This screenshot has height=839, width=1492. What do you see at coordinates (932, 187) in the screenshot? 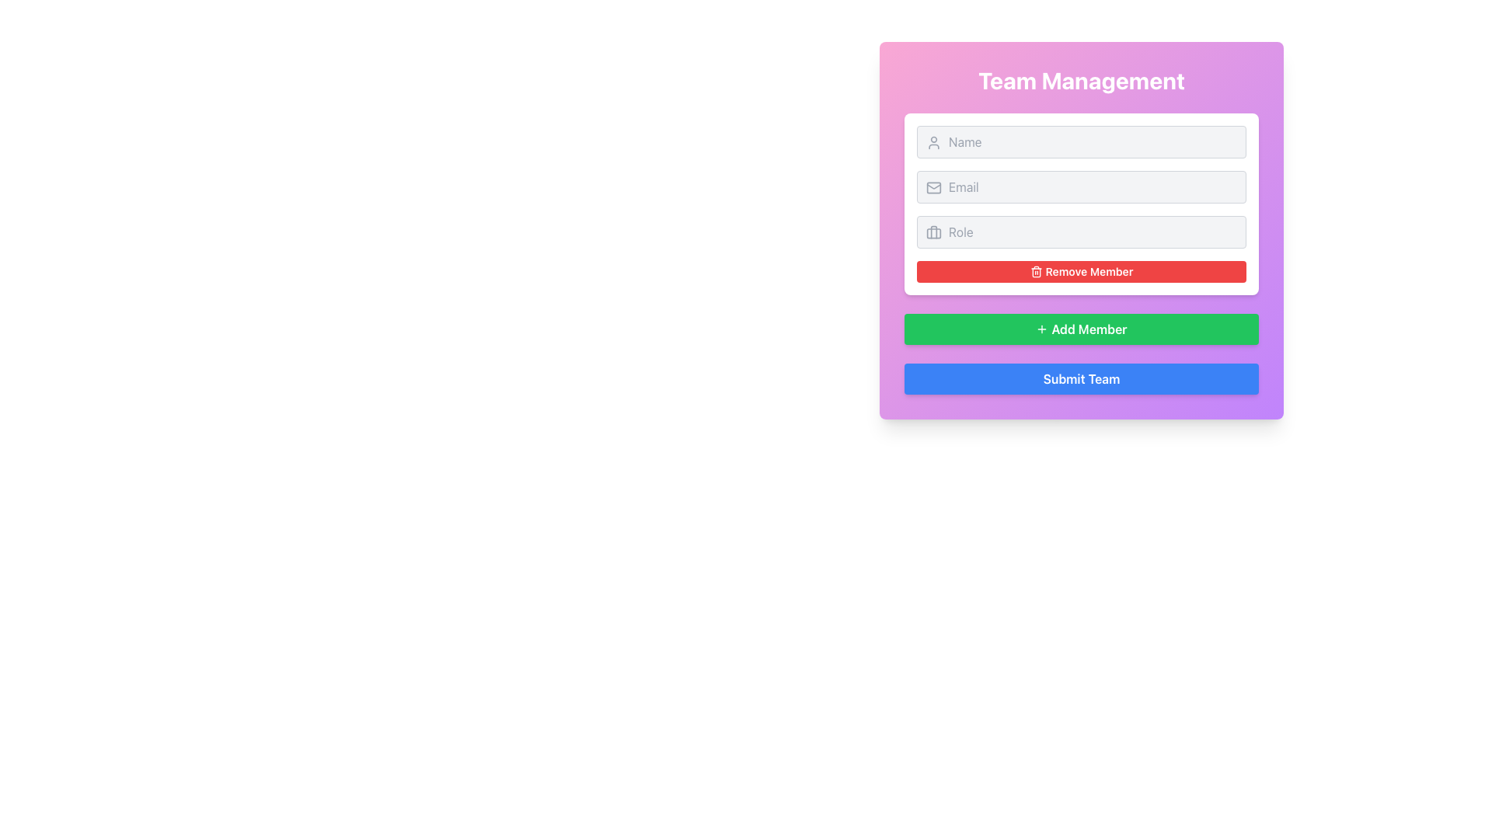
I see `the small gray envelope icon located to the left of the 'Email' text input field` at bounding box center [932, 187].